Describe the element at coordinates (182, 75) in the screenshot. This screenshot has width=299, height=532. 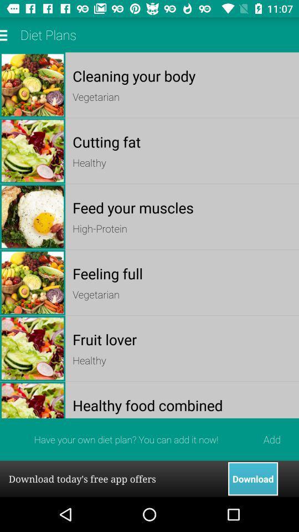
I see `the app below diet plans app` at that location.